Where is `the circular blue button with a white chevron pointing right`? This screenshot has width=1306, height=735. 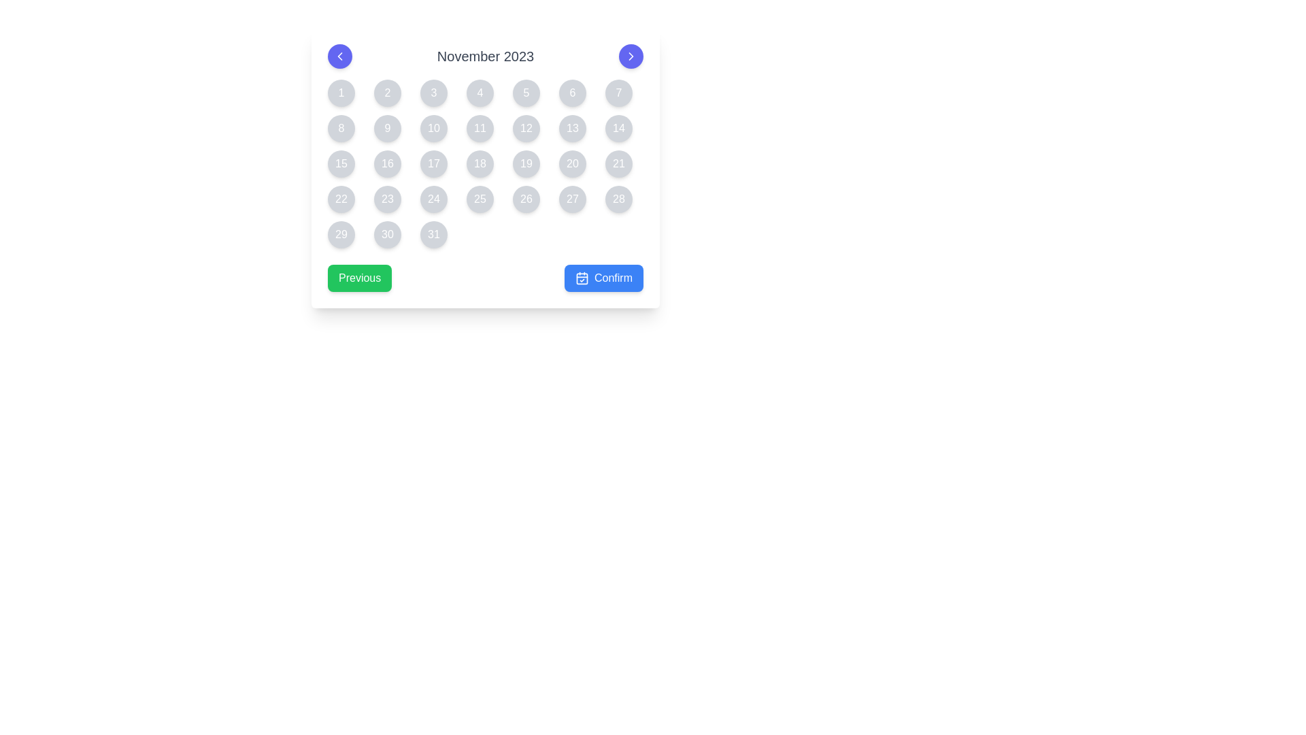
the circular blue button with a white chevron pointing right is located at coordinates (630, 56).